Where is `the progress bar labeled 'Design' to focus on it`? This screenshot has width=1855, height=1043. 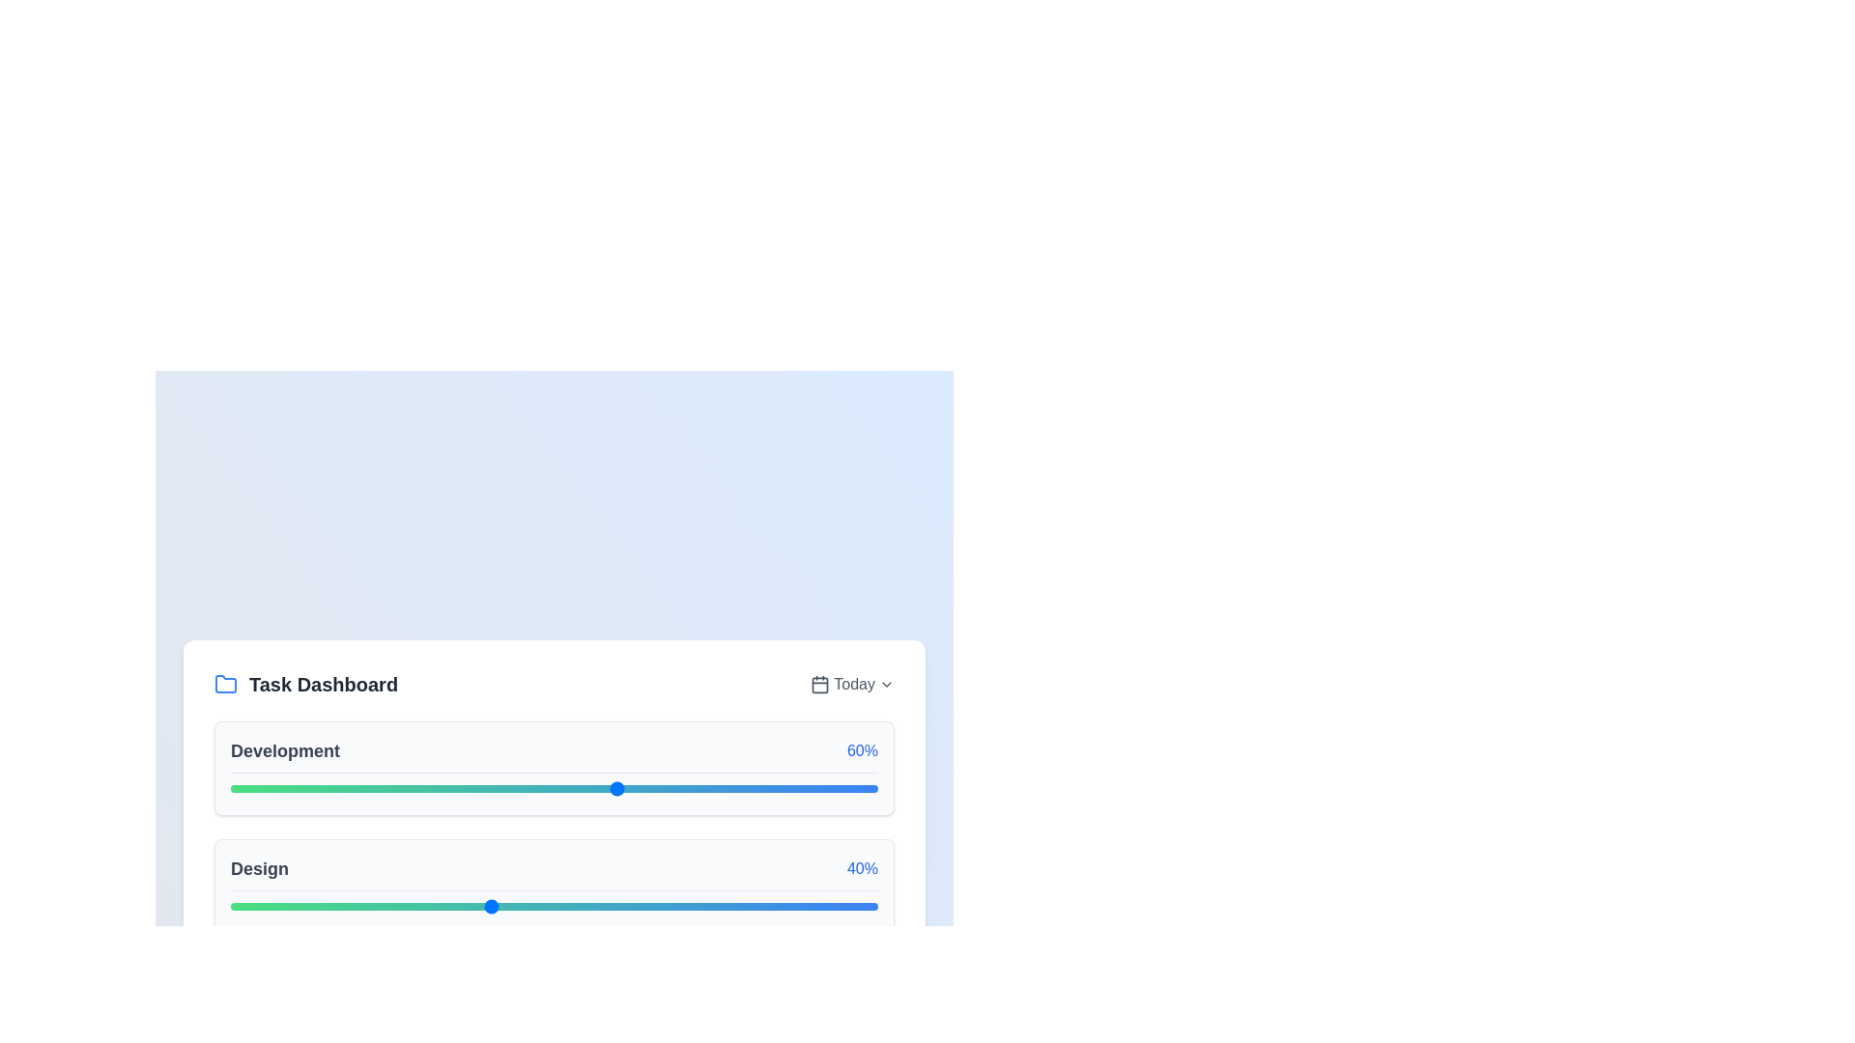
the progress bar labeled 'Design' to focus on it is located at coordinates (554, 887).